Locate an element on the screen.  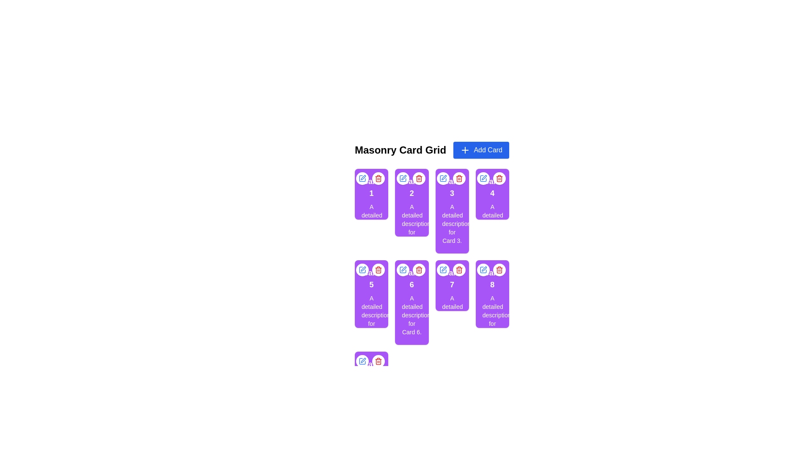
text content of the Text Label located at the top of 'Card 6', which displays the title or identifier of the card is located at coordinates (411, 279).